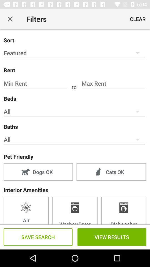 The image size is (150, 267). I want to click on washer/dryer item, so click(75, 210).